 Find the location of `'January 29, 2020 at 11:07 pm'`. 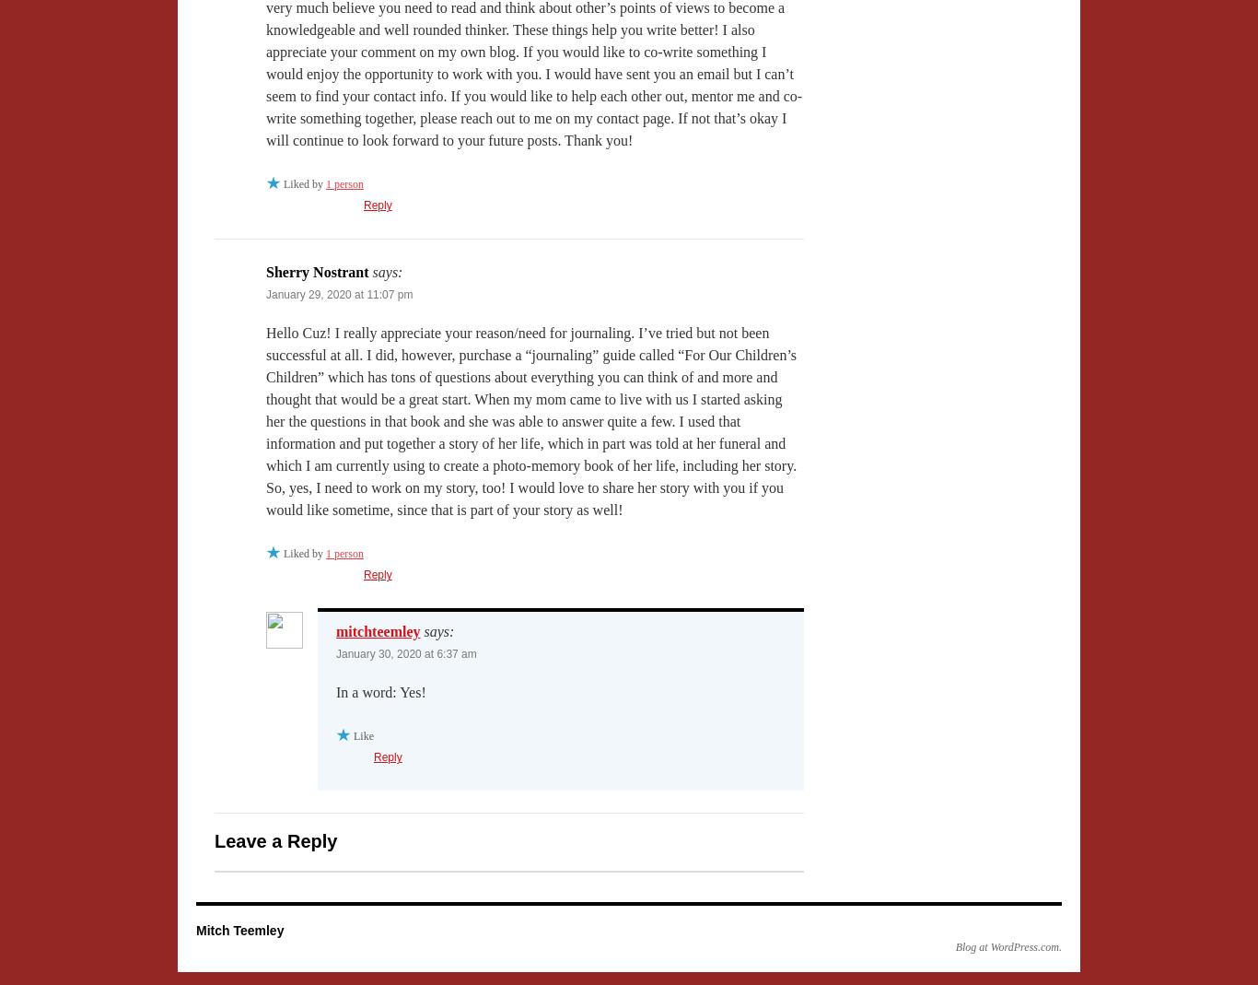

'January 29, 2020 at 11:07 pm' is located at coordinates (338, 293).